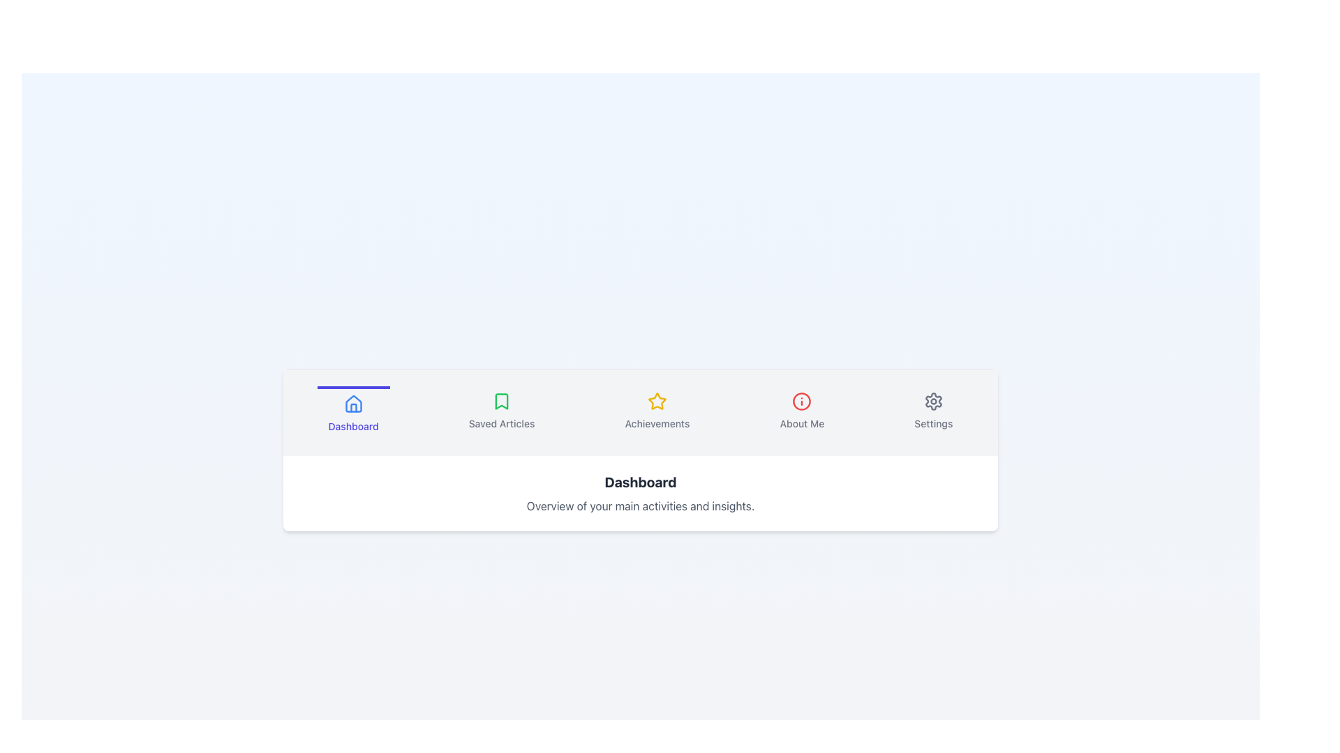 The width and height of the screenshot is (1340, 753). What do you see at coordinates (353, 404) in the screenshot?
I see `the 'Dashboard' icon located on the left part of the navigation bar` at bounding box center [353, 404].